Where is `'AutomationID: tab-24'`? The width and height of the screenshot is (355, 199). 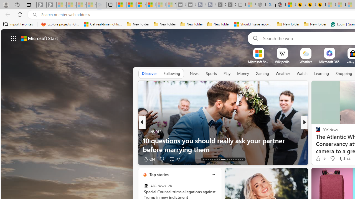 'AutomationID: tab-24' is located at coordinates (231, 159).